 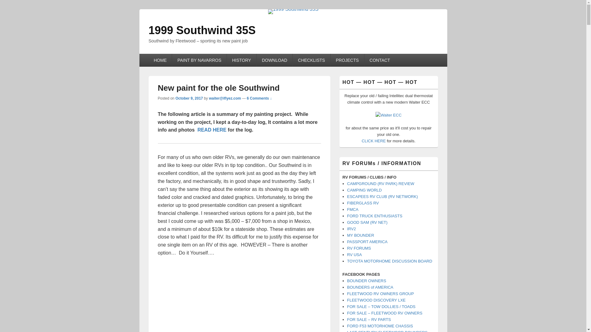 What do you see at coordinates (355, 255) in the screenshot?
I see `'RV USA'` at bounding box center [355, 255].